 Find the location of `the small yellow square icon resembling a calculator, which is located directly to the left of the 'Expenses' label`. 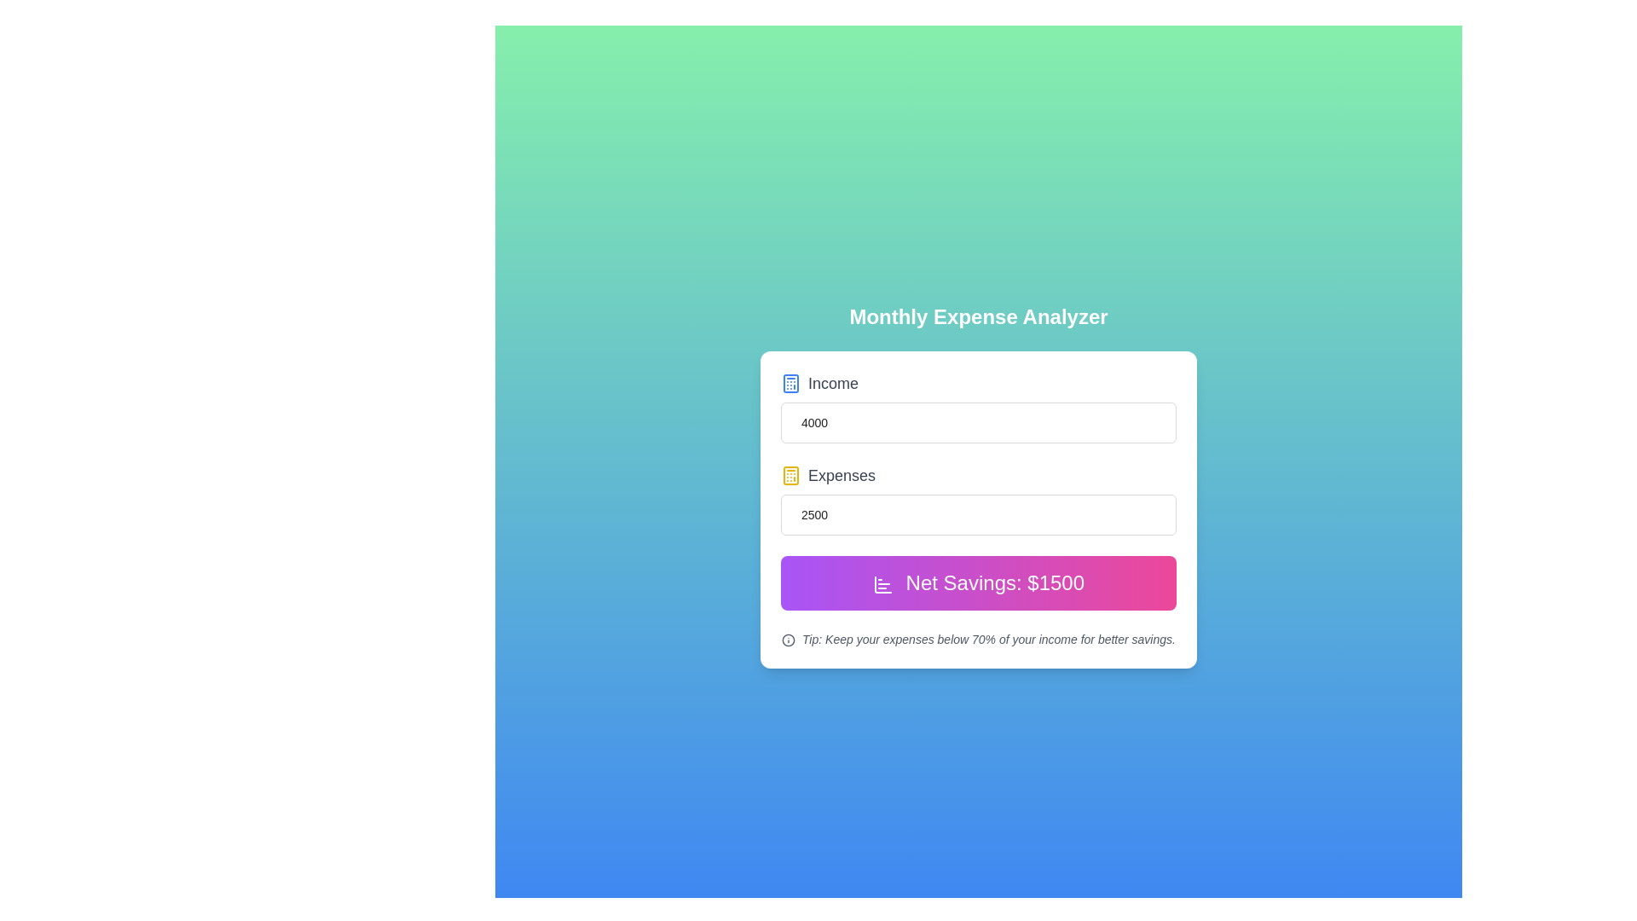

the small yellow square icon resembling a calculator, which is located directly to the left of the 'Expenses' label is located at coordinates (790, 476).